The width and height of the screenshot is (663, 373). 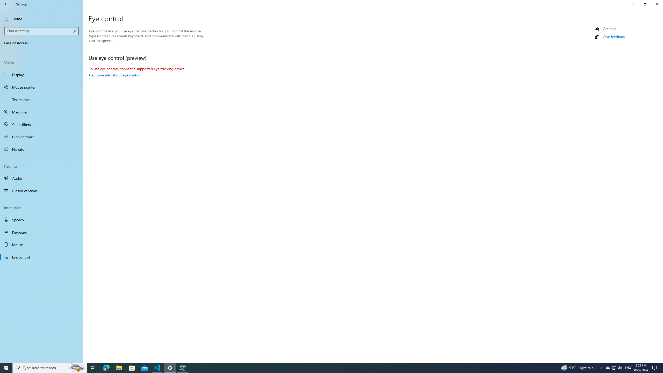 I want to click on 'Settings - 1 running window', so click(x=170, y=367).